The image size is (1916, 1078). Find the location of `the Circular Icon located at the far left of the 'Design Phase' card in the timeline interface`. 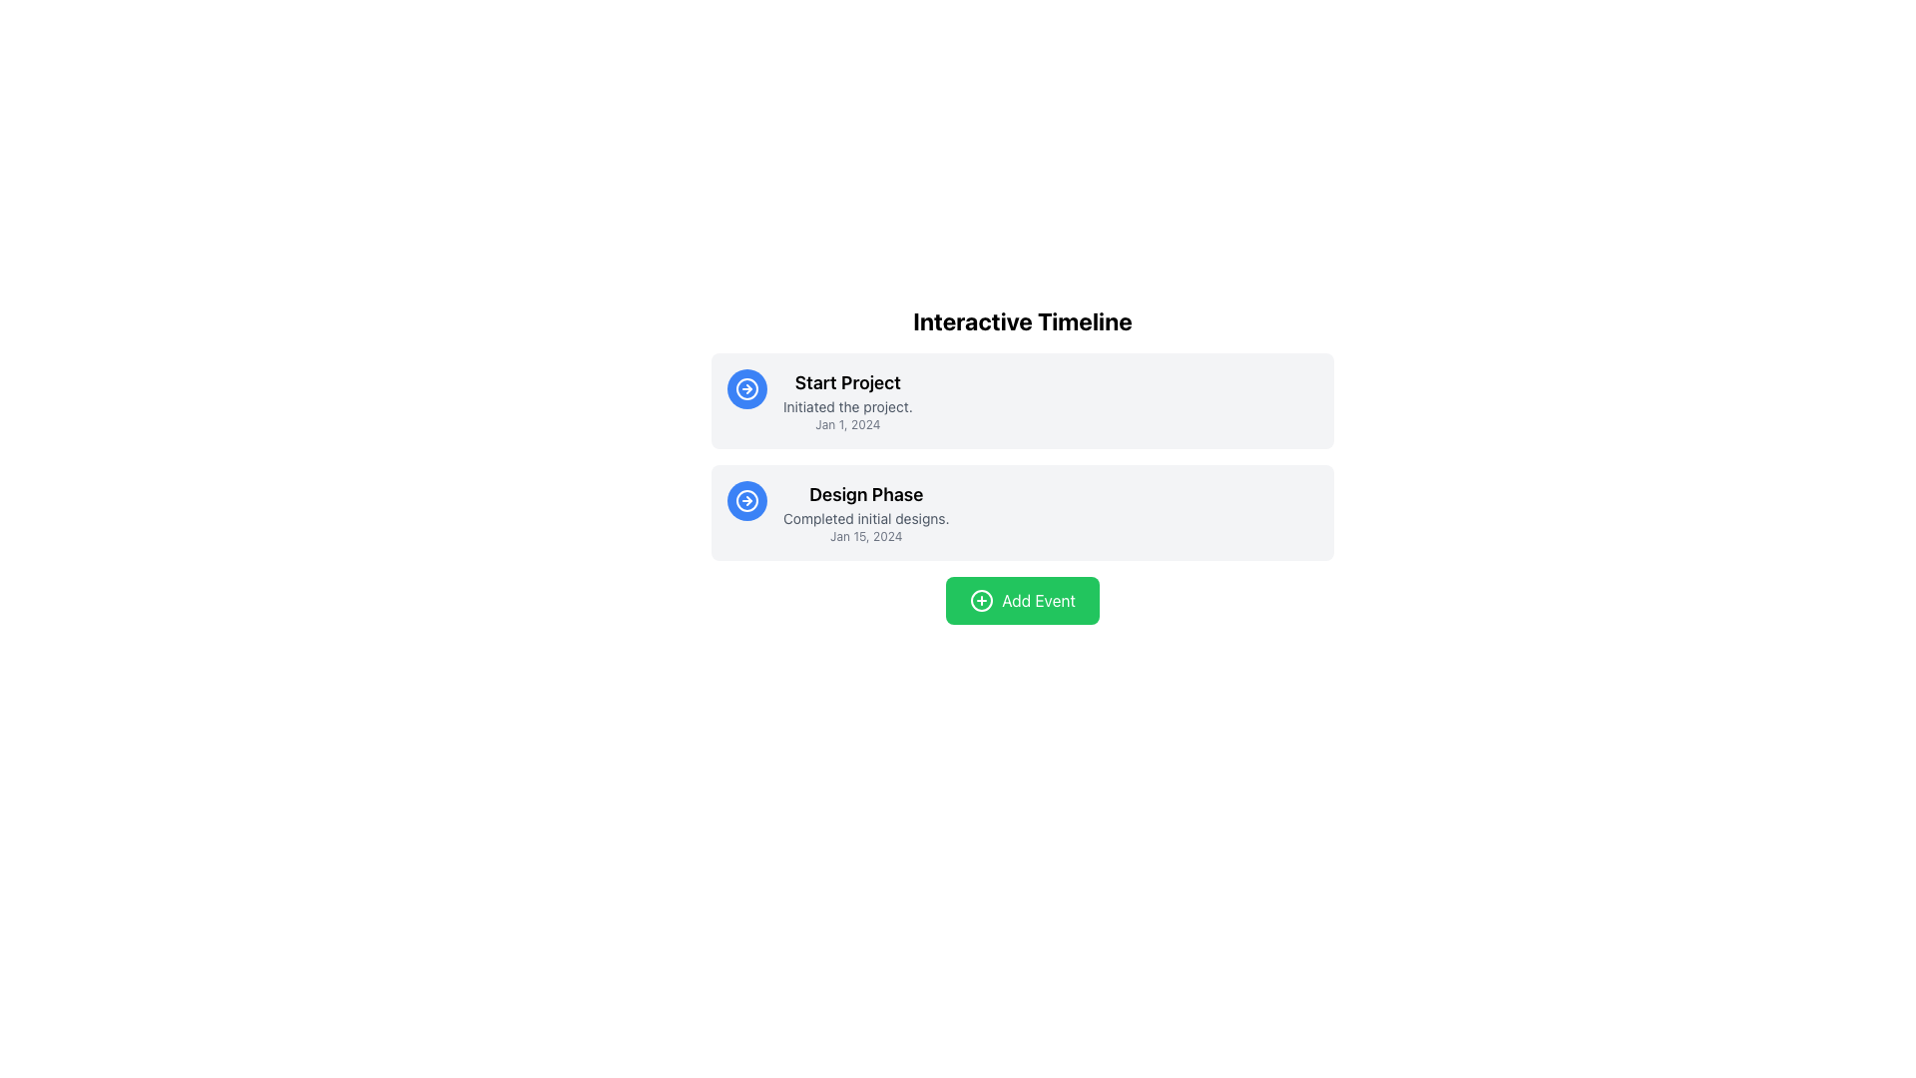

the Circular Icon located at the far left of the 'Design Phase' card in the timeline interface is located at coordinates (745, 499).